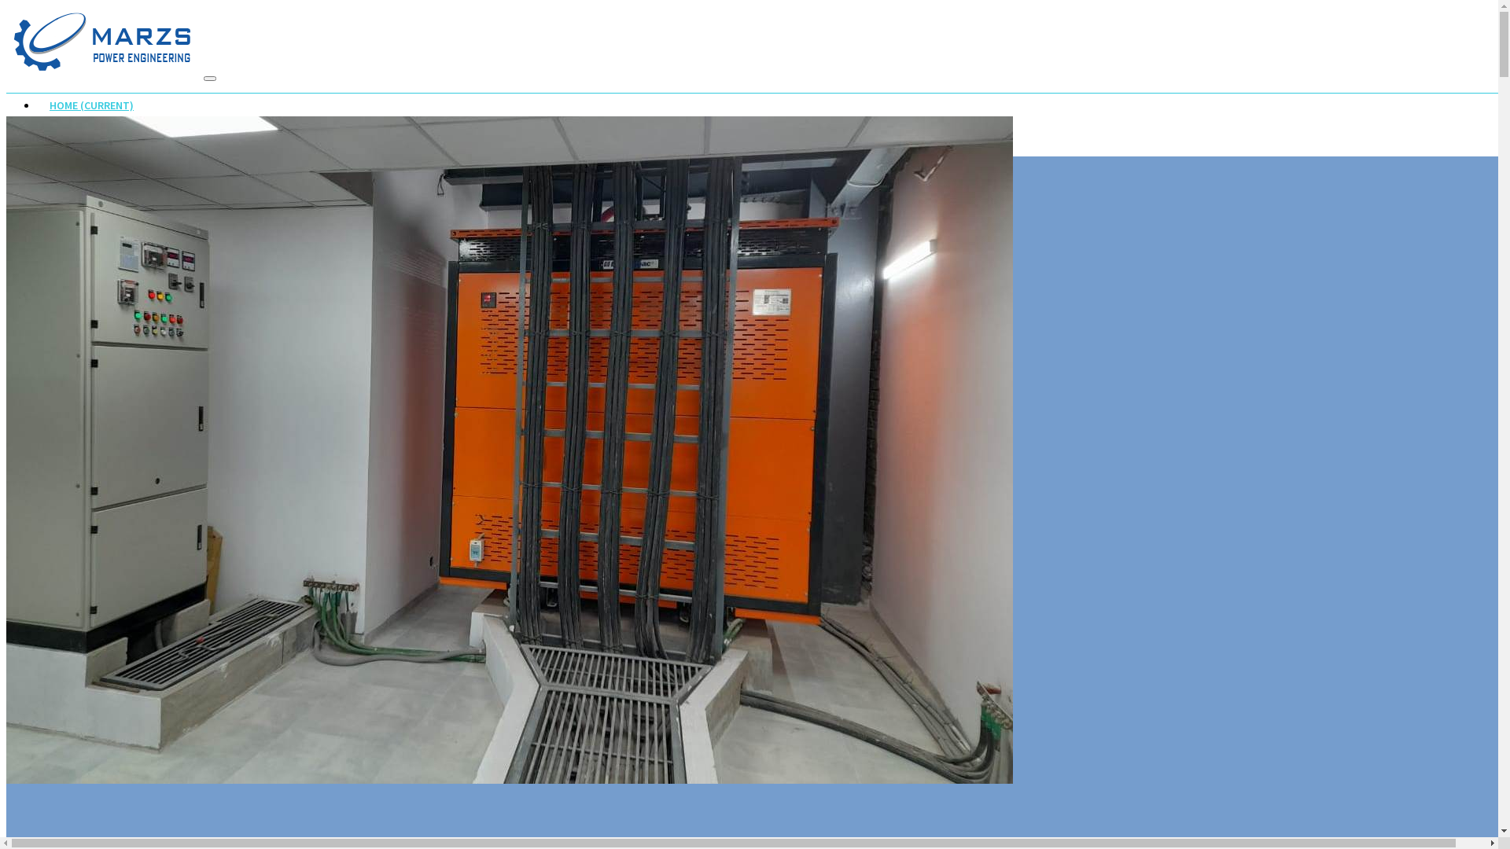 This screenshot has height=849, width=1510. I want to click on 'CONTACT US', so click(79, 167).